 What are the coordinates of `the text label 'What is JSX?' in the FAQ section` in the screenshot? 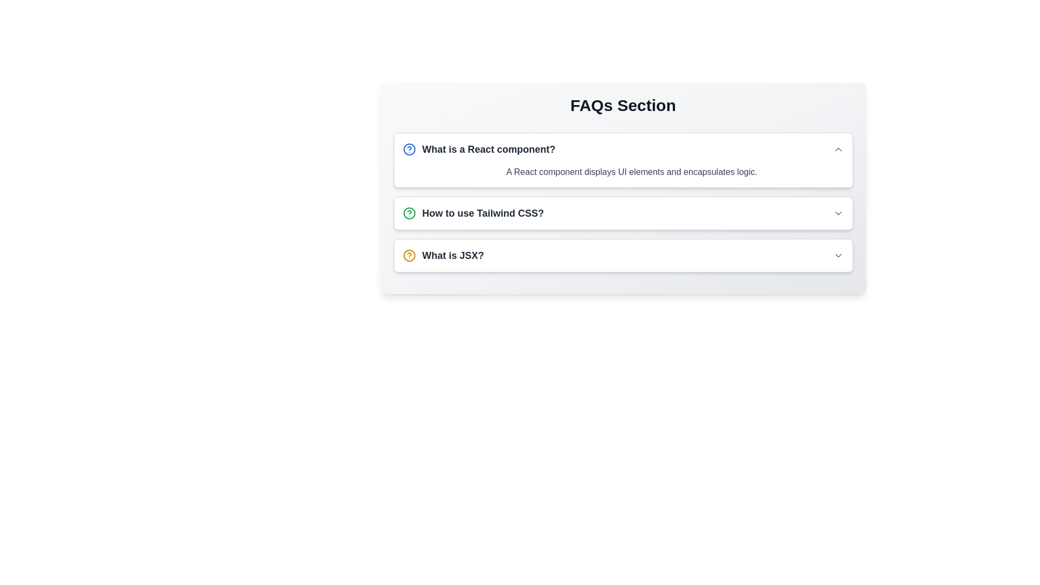 It's located at (443, 255).